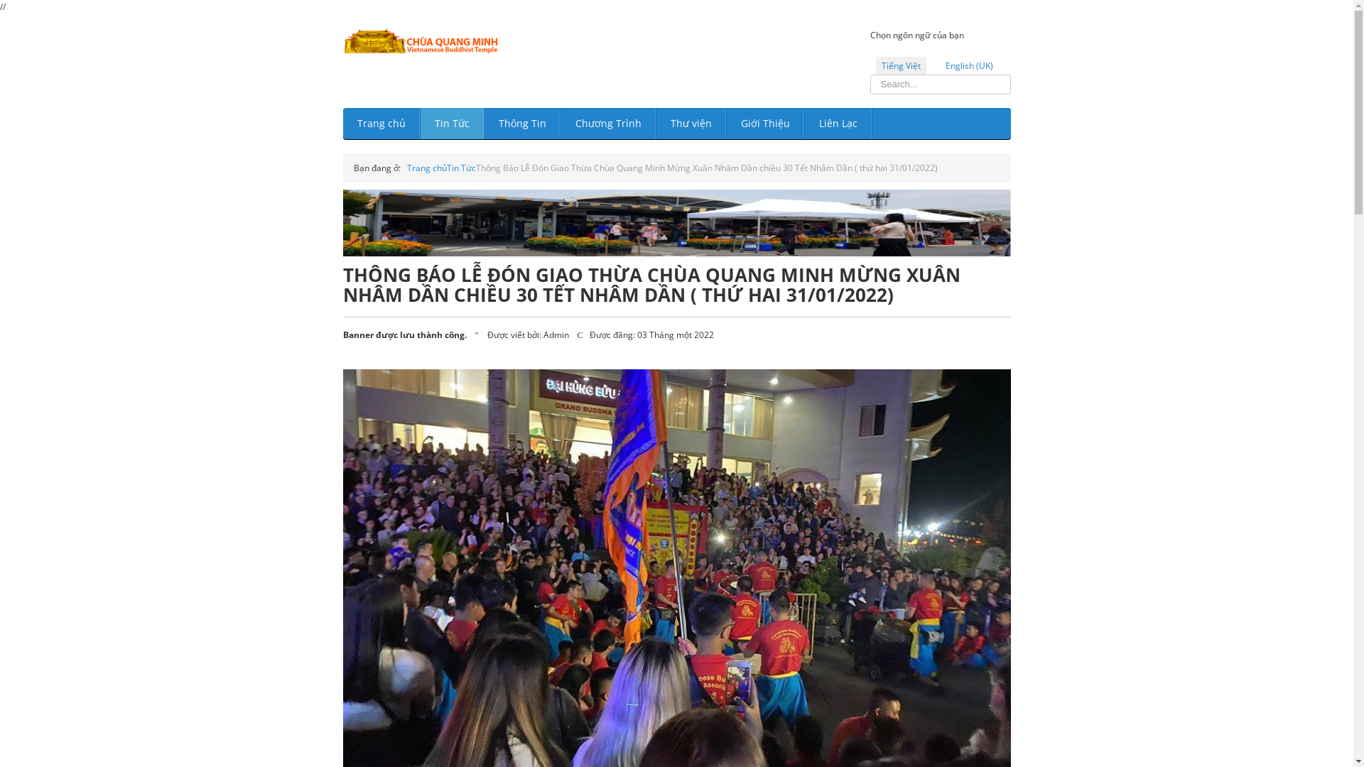 This screenshot has height=767, width=1364. I want to click on 'English (UK)', so click(968, 65).